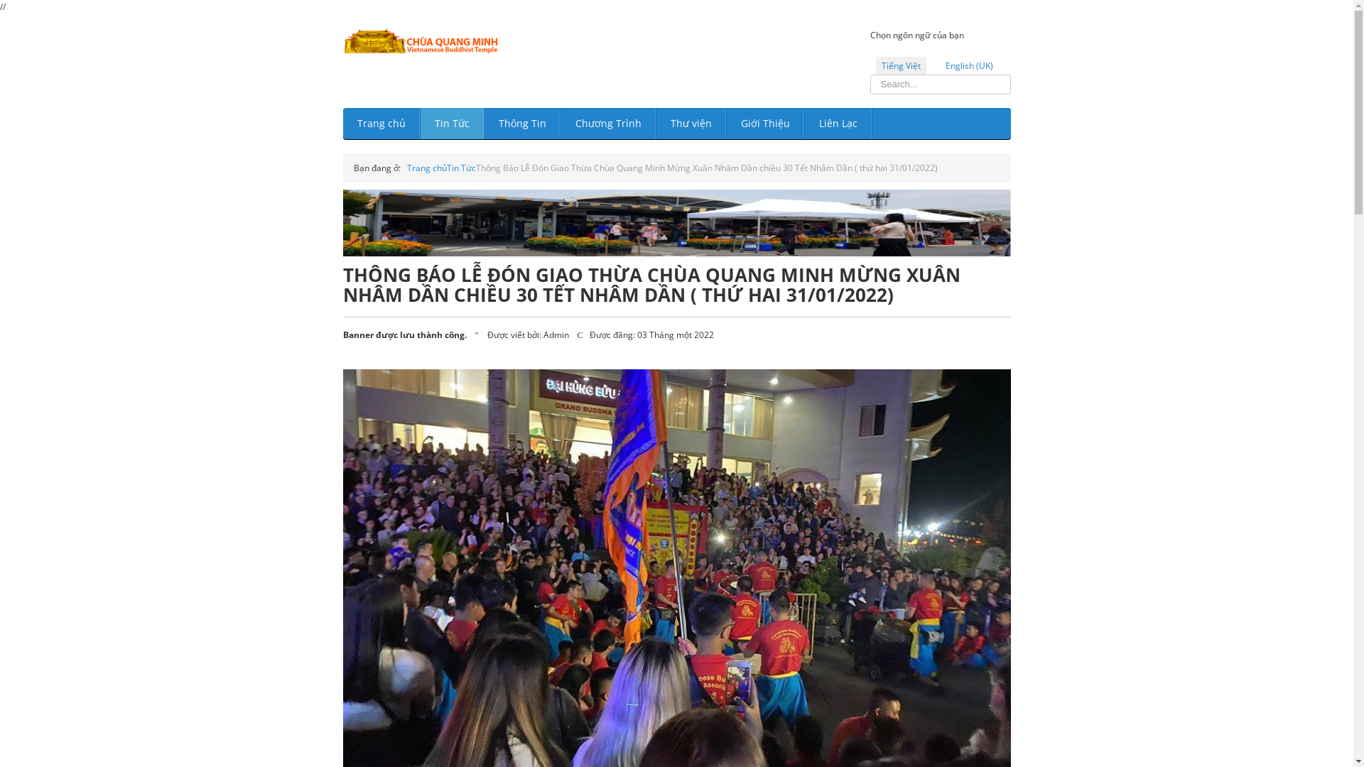 This screenshot has height=767, width=1364. I want to click on 'English (UK)', so click(968, 65).